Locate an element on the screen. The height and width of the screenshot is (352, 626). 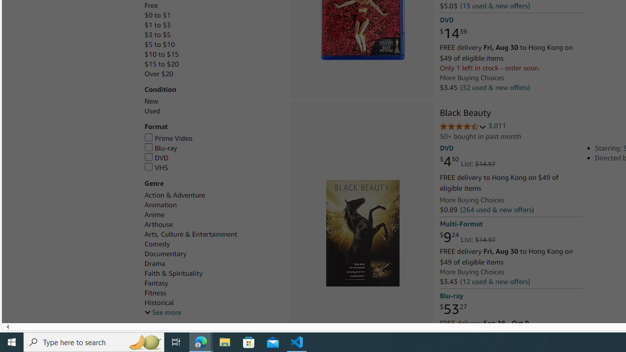
'(13 used & new offers)' is located at coordinates (494, 6).